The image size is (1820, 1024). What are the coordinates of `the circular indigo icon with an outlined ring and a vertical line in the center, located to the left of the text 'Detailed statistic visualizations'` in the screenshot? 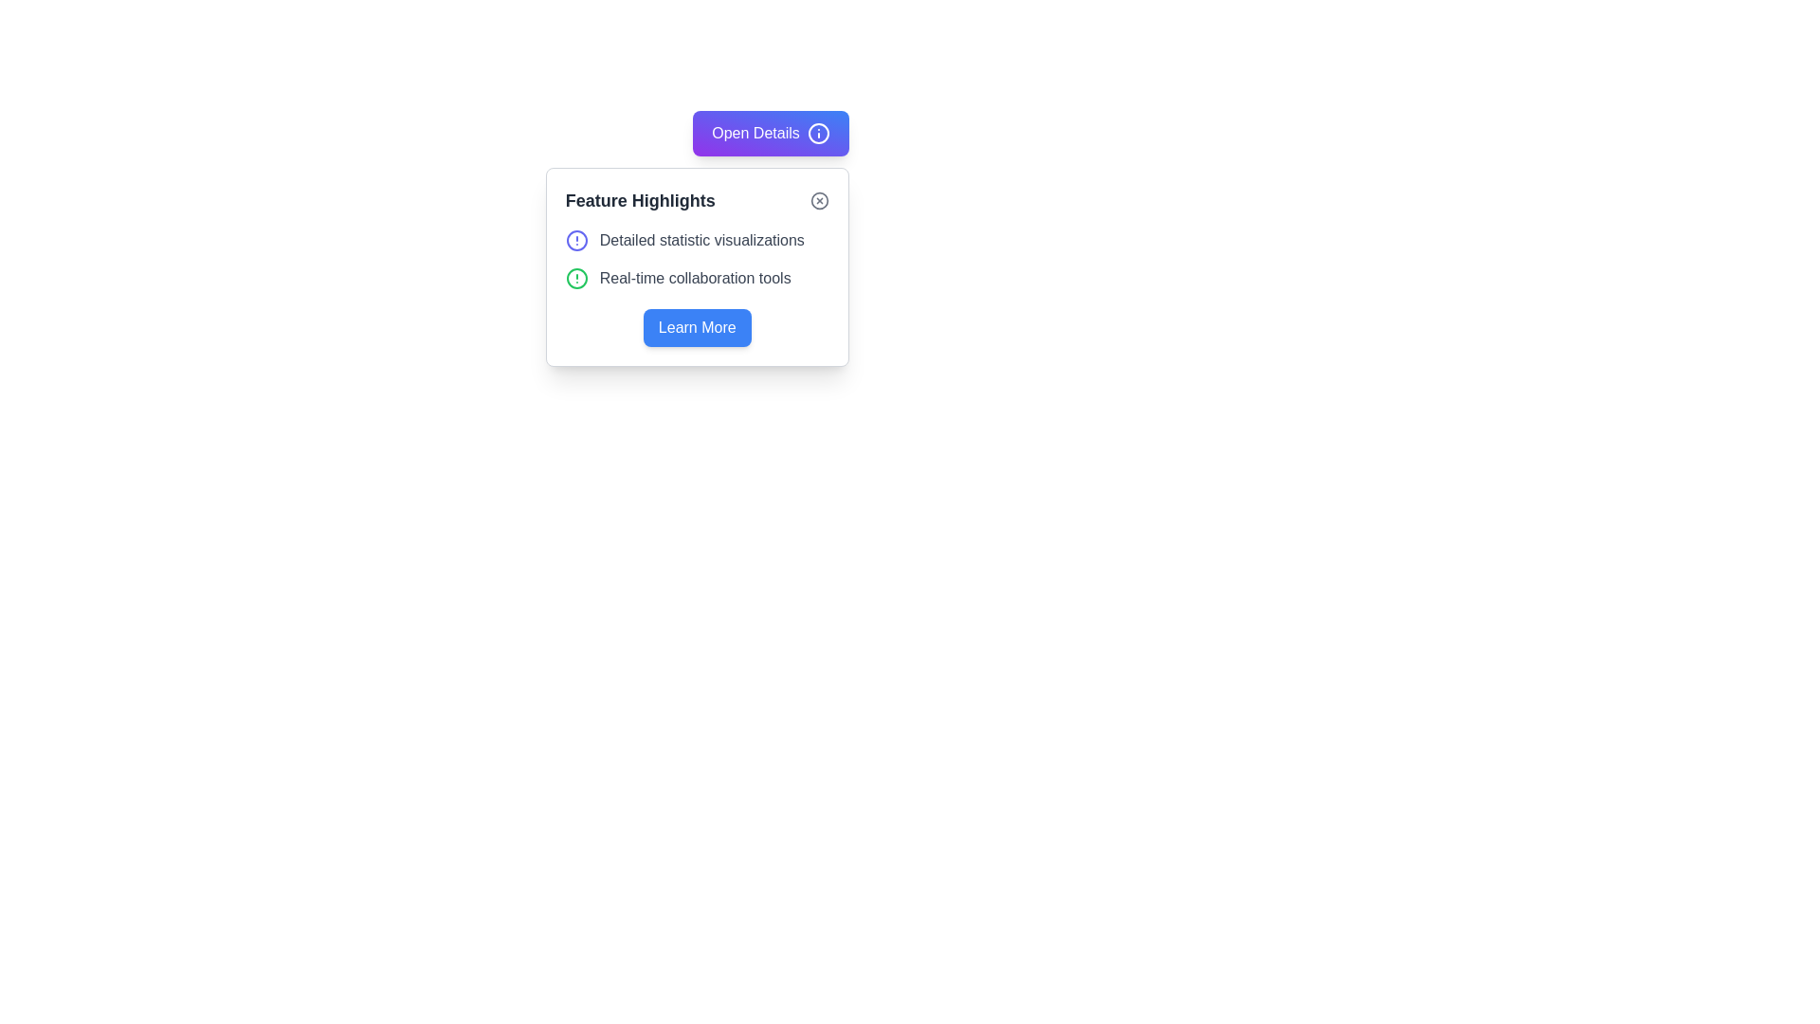 It's located at (575, 240).